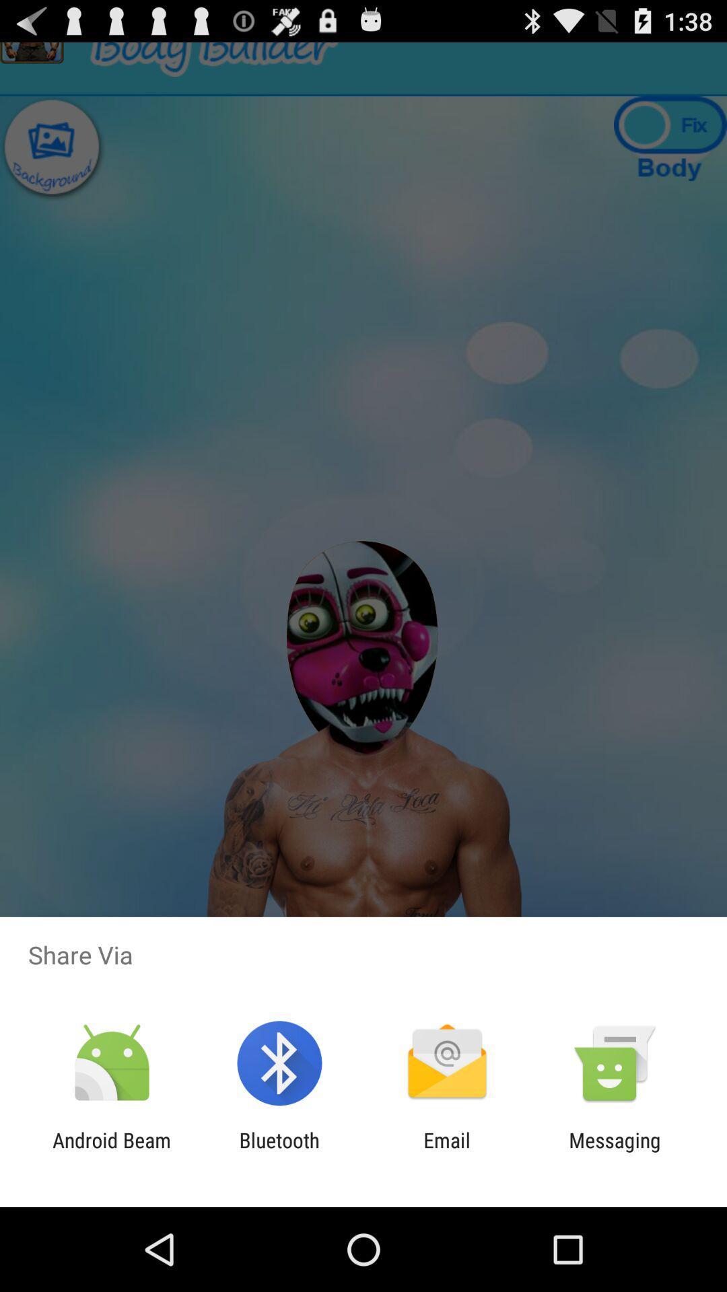 This screenshot has width=727, height=1292. I want to click on app next to email, so click(615, 1151).